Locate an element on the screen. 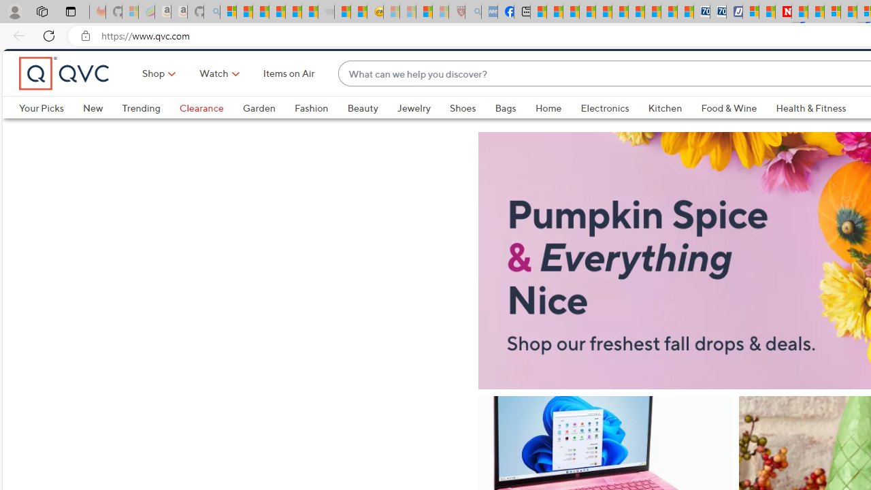  'New' is located at coordinates (92, 131).